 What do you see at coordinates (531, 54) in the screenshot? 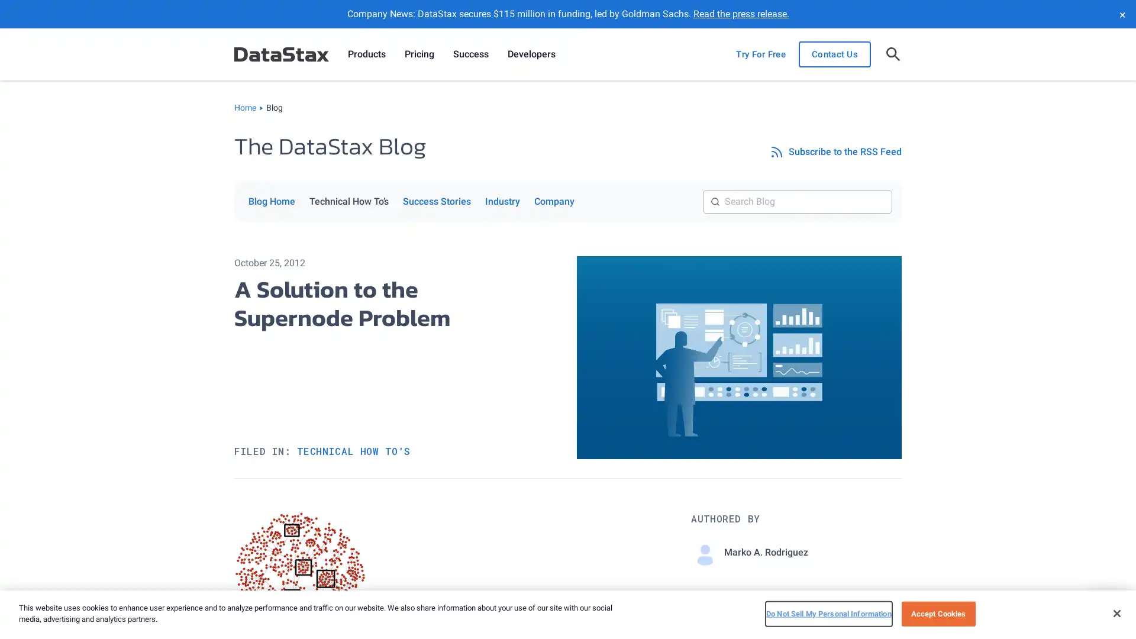
I see `Developers` at bounding box center [531, 54].